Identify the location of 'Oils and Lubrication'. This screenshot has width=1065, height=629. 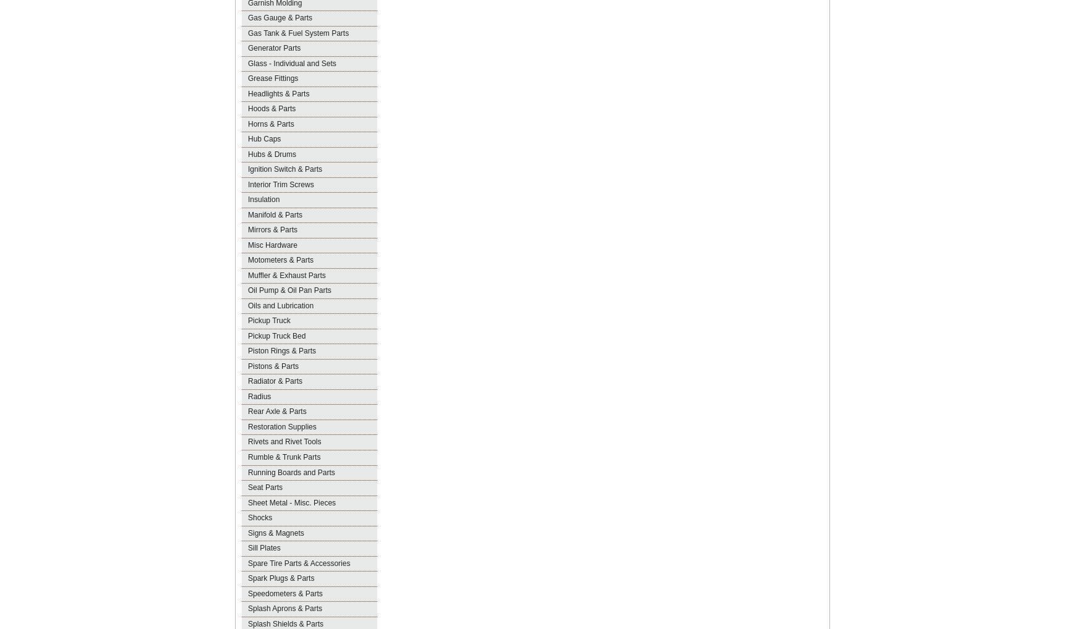
(280, 305).